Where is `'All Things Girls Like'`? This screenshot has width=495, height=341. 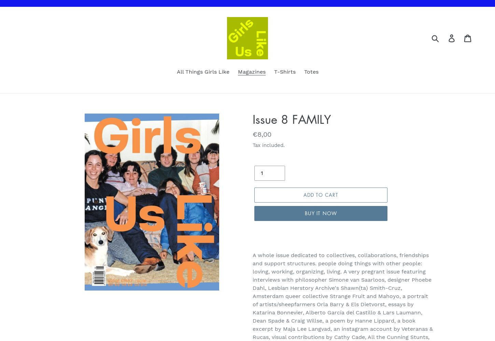 'All Things Girls Like' is located at coordinates (203, 71).